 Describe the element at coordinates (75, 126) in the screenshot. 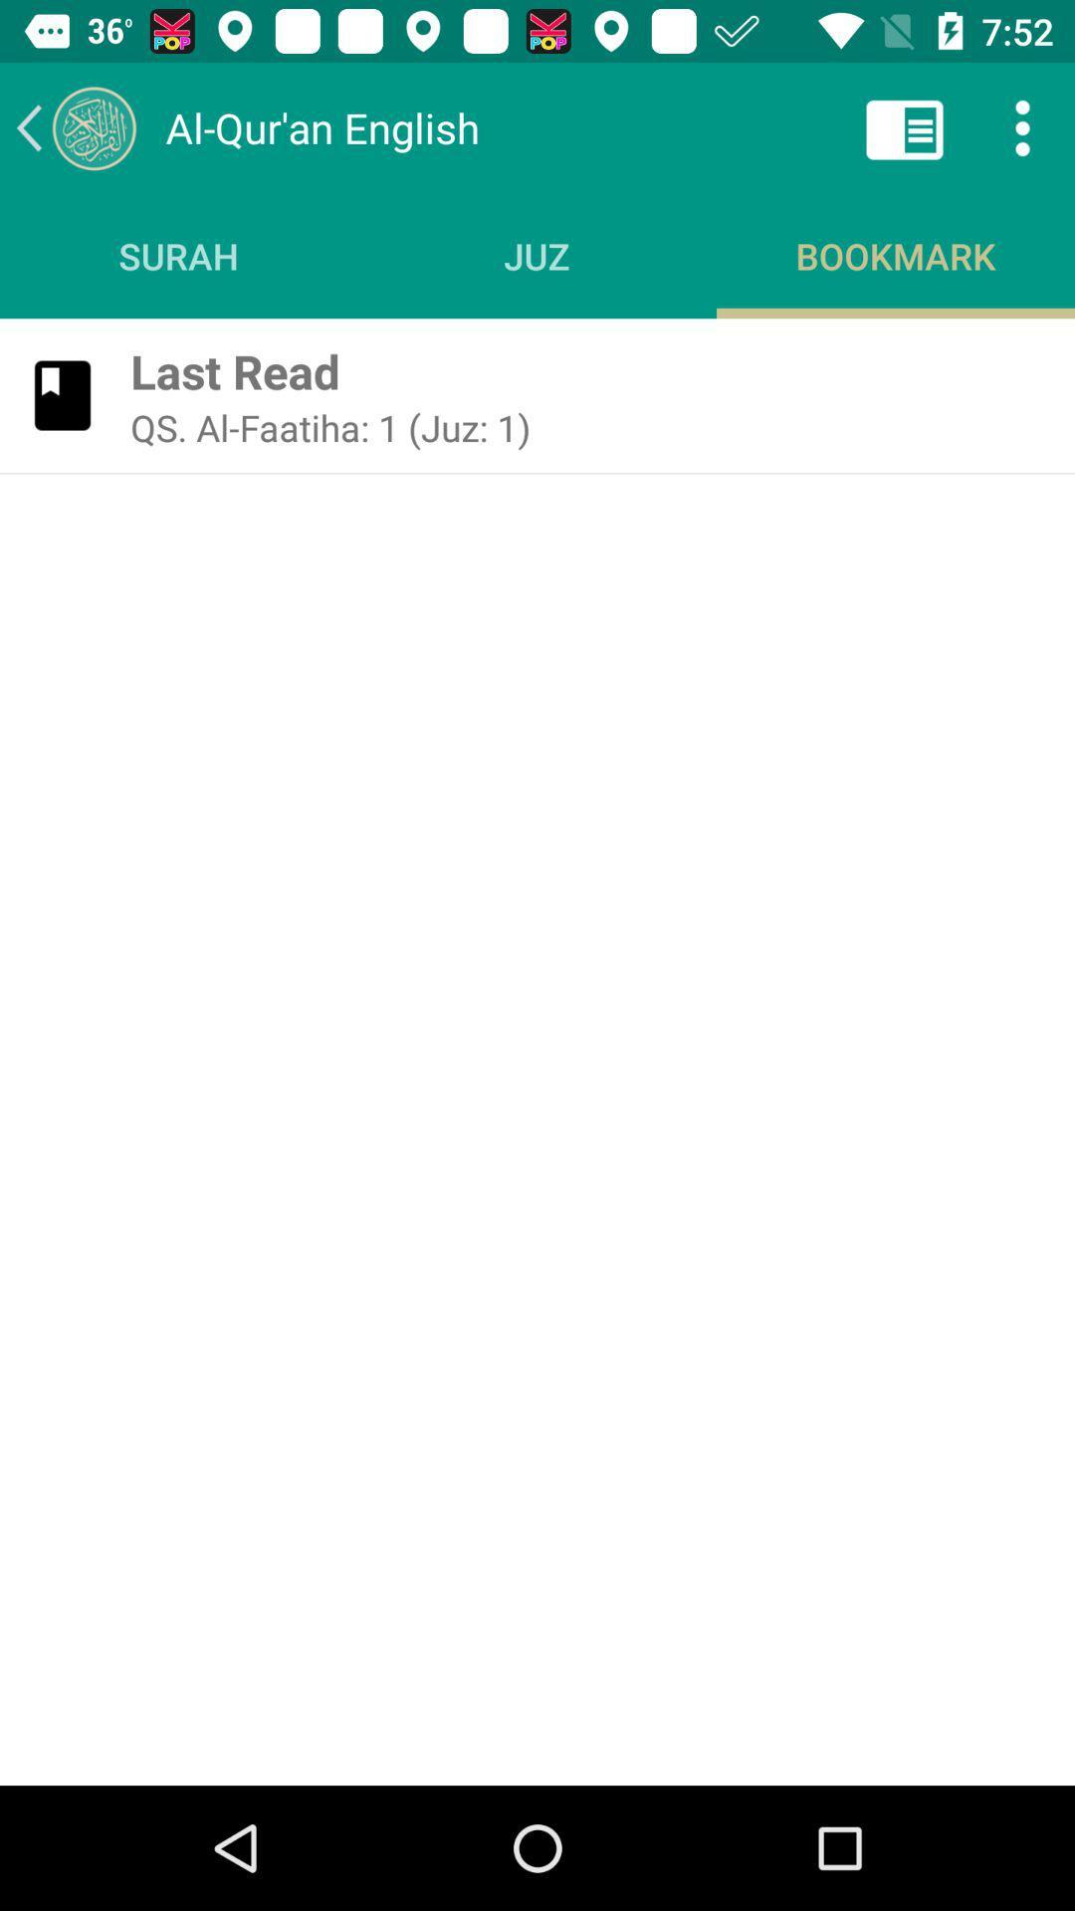

I see `previous` at that location.